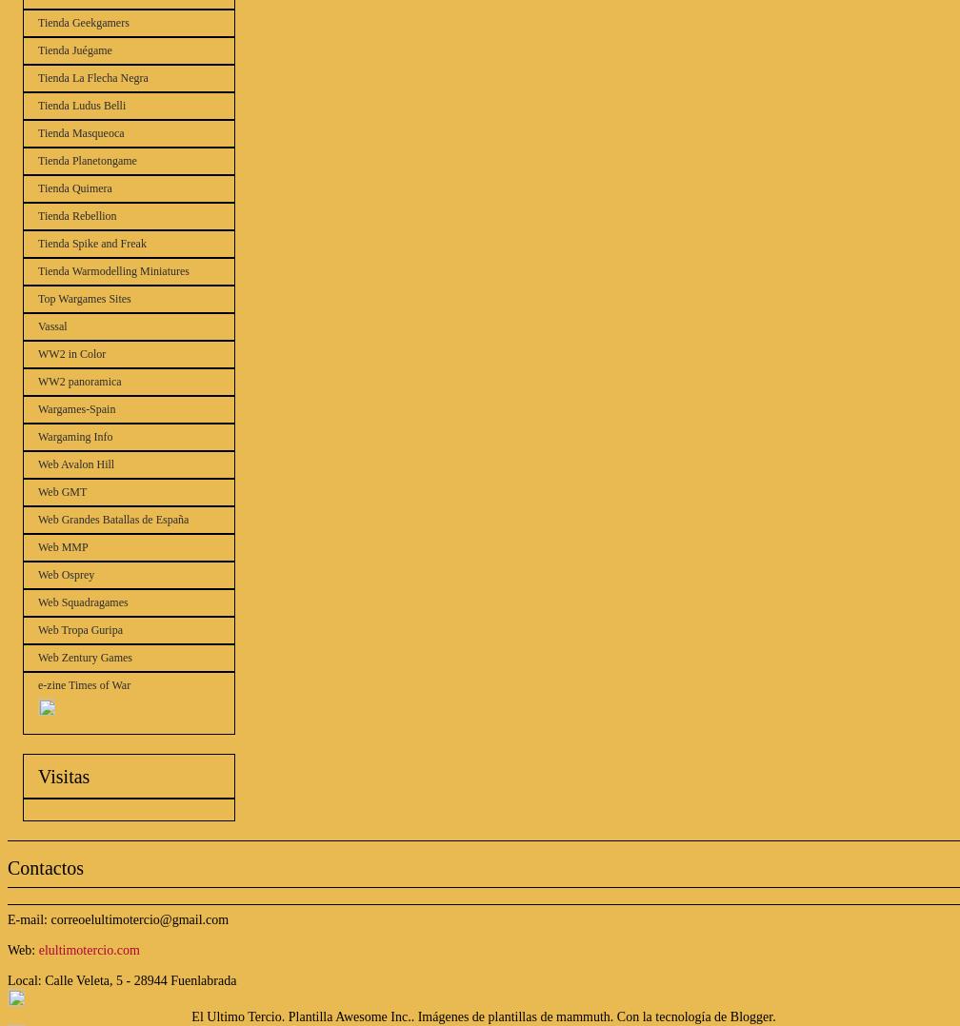 Image resolution: width=960 pixels, height=1026 pixels. I want to click on 'Local: Calle Veleta, 5 - 28944 Fuenlabrada', so click(7, 978).